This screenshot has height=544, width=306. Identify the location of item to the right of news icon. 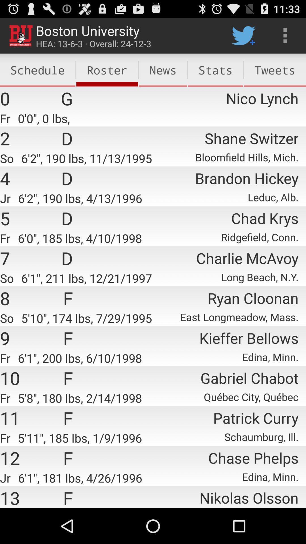
(243, 35).